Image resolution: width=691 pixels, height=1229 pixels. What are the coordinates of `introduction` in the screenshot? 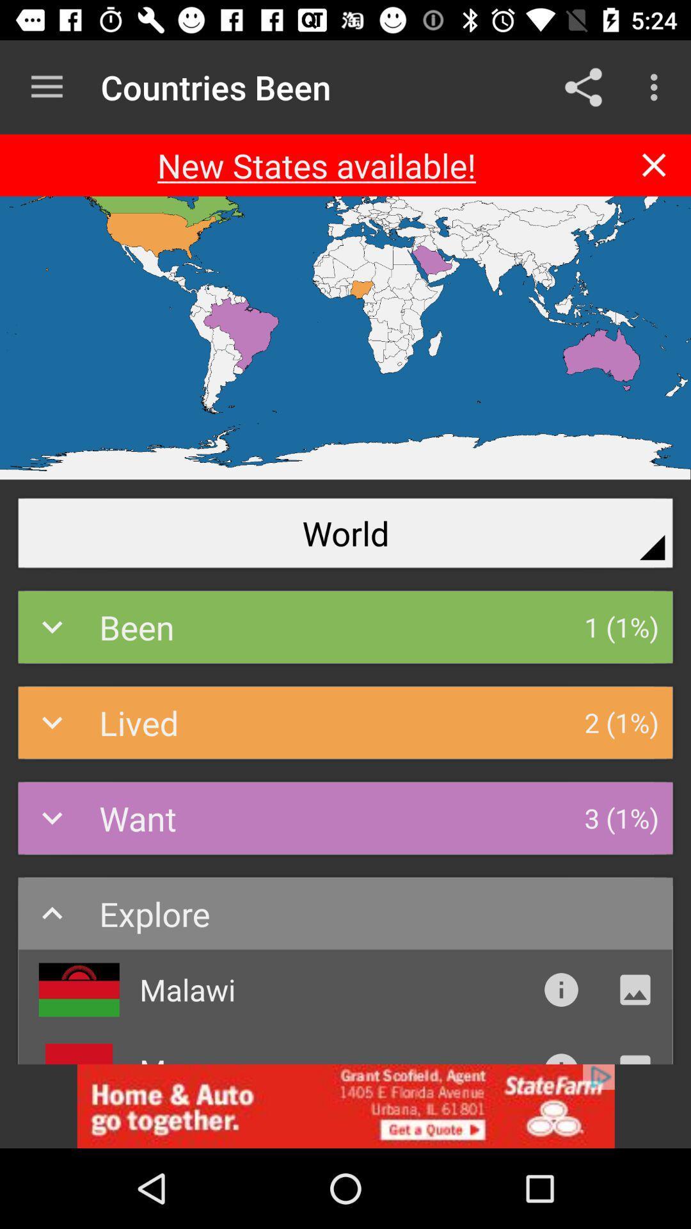 It's located at (560, 989).